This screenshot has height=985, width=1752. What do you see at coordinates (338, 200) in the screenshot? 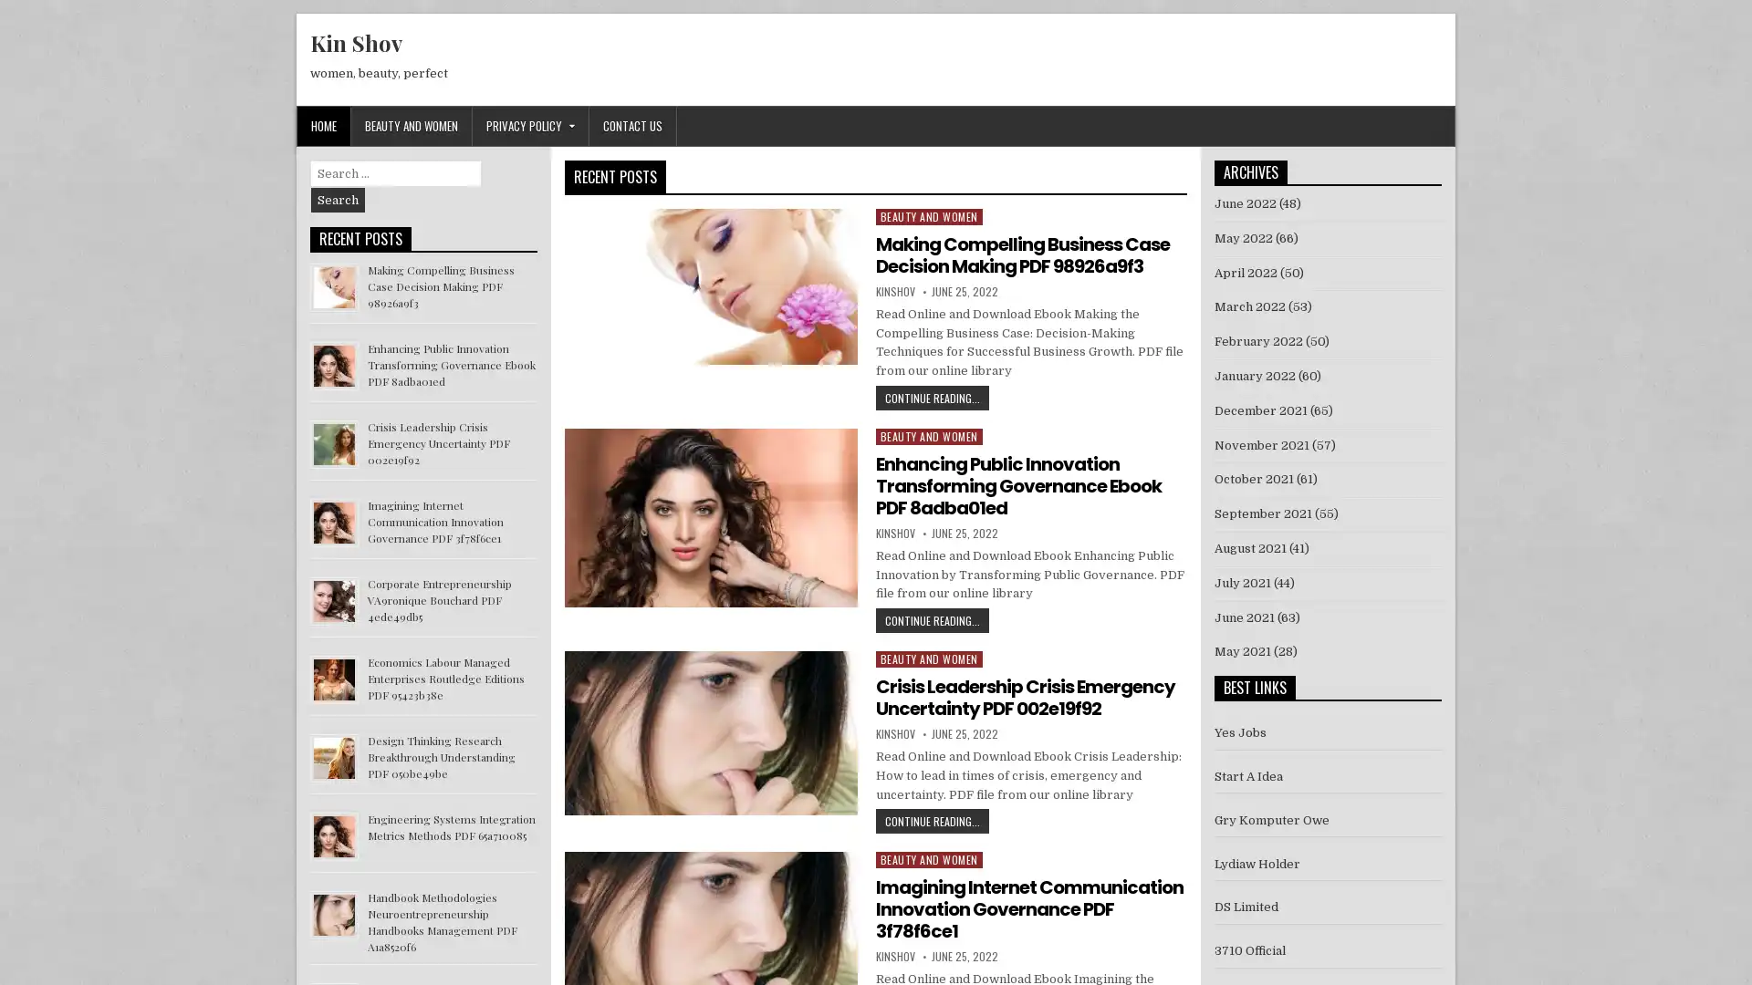
I see `Search` at bounding box center [338, 200].